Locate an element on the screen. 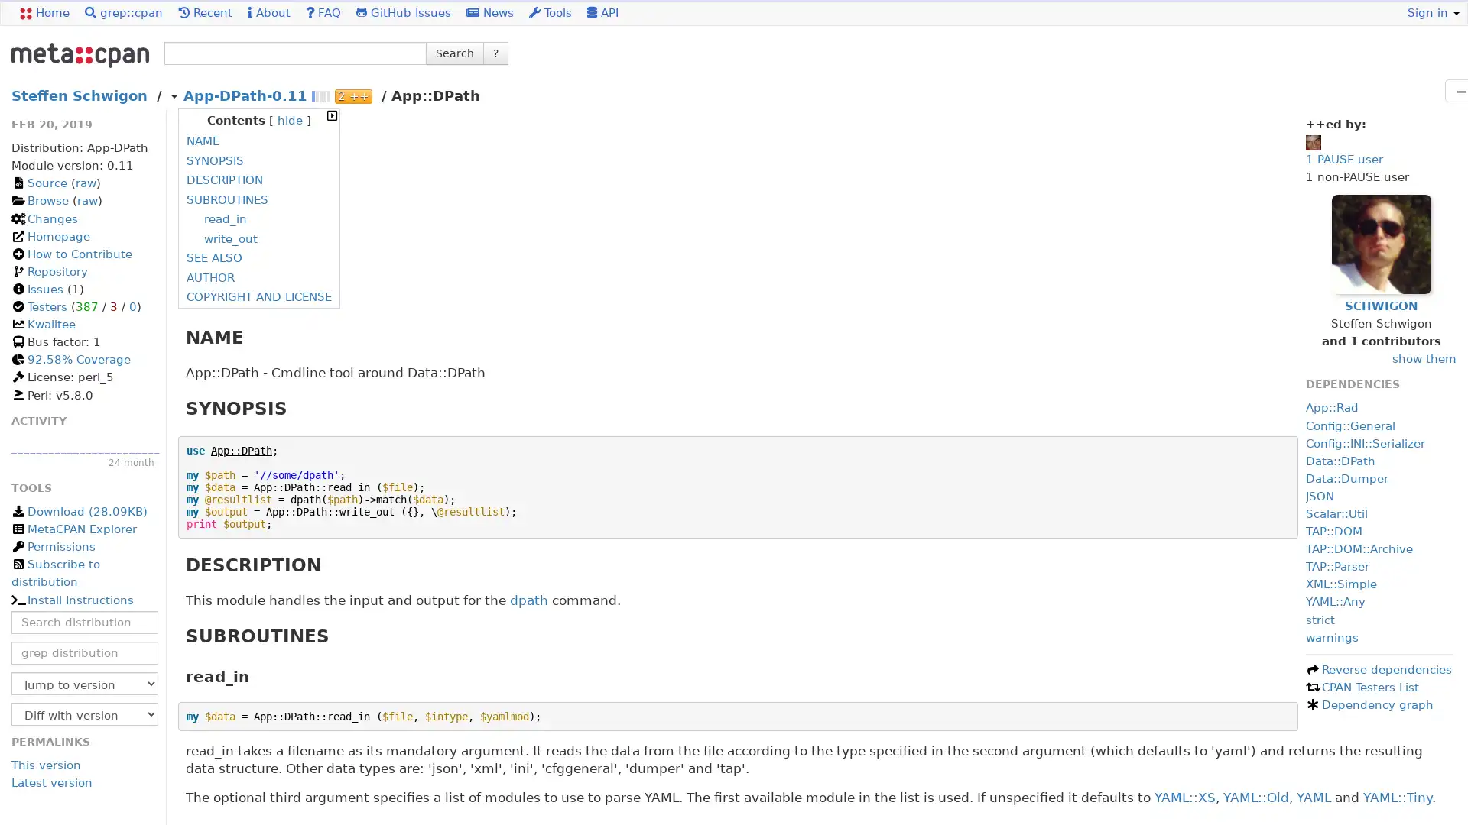 The image size is (1468, 825). show them is located at coordinates (1423, 359).